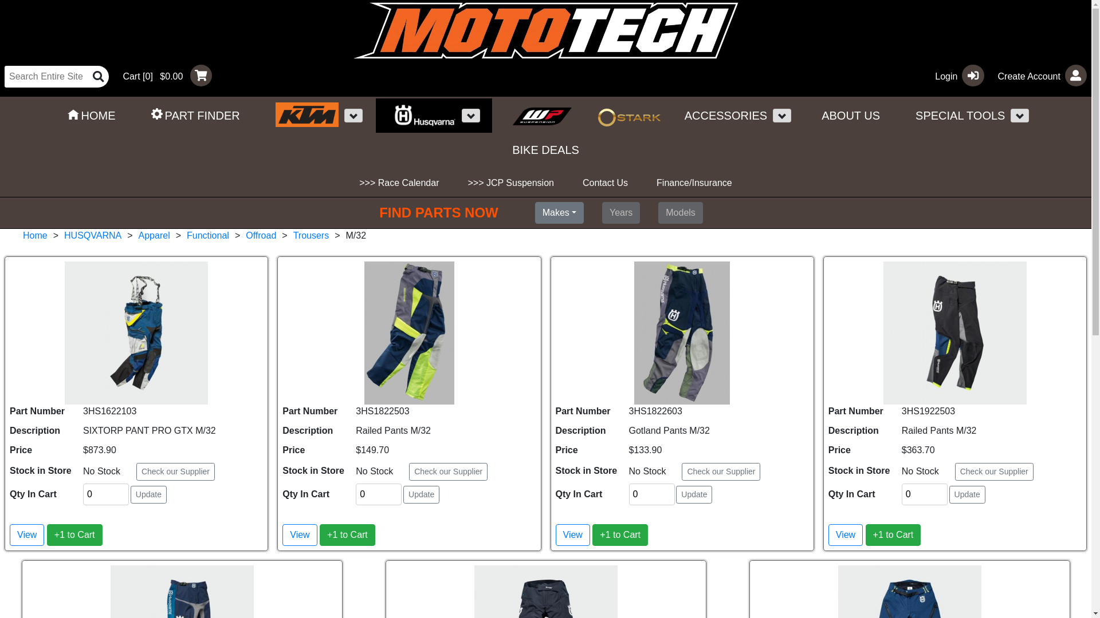 This screenshot has width=1100, height=618. Describe the element at coordinates (162, 75) in the screenshot. I see `'Cart 0 0.00'` at that location.